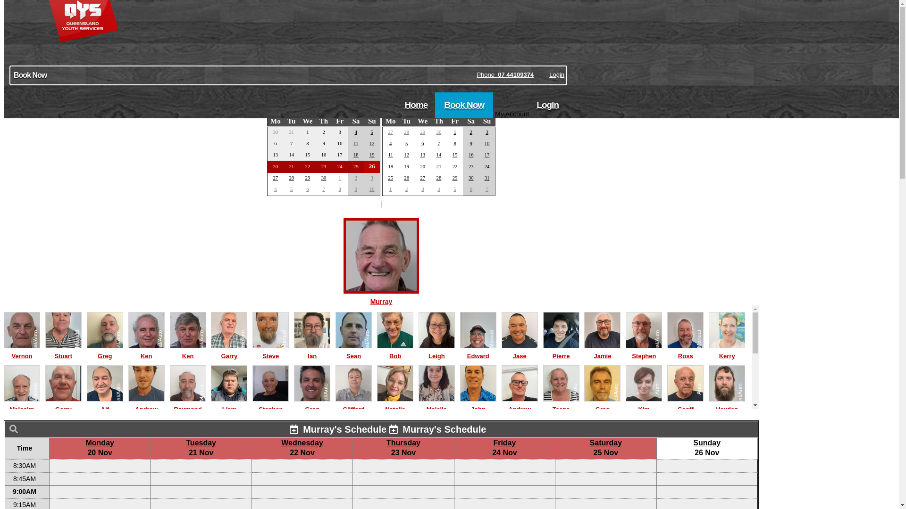 Image resolution: width=906 pixels, height=509 pixels. Describe the element at coordinates (355, 189) in the screenshot. I see `'9'` at that location.